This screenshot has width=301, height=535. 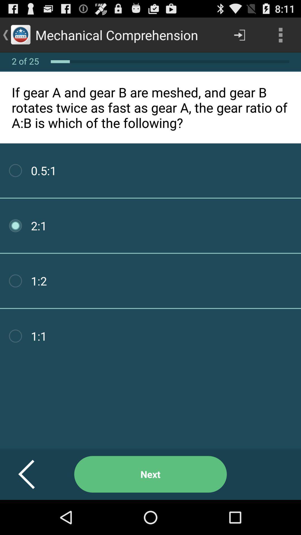 I want to click on the next icon, so click(x=151, y=474).